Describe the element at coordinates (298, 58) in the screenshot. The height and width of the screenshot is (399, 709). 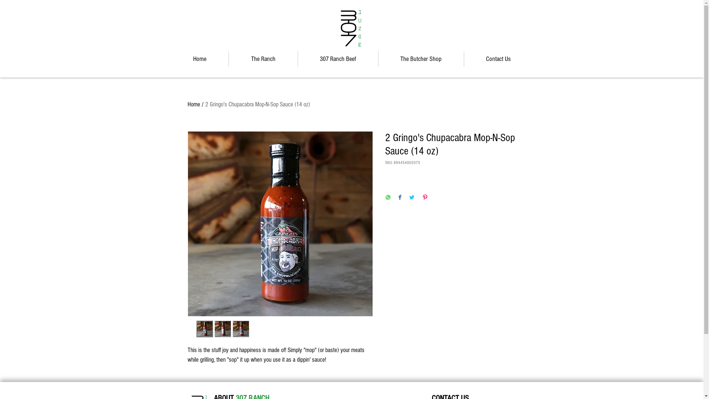
I see `'307 Ranch Beef'` at that location.